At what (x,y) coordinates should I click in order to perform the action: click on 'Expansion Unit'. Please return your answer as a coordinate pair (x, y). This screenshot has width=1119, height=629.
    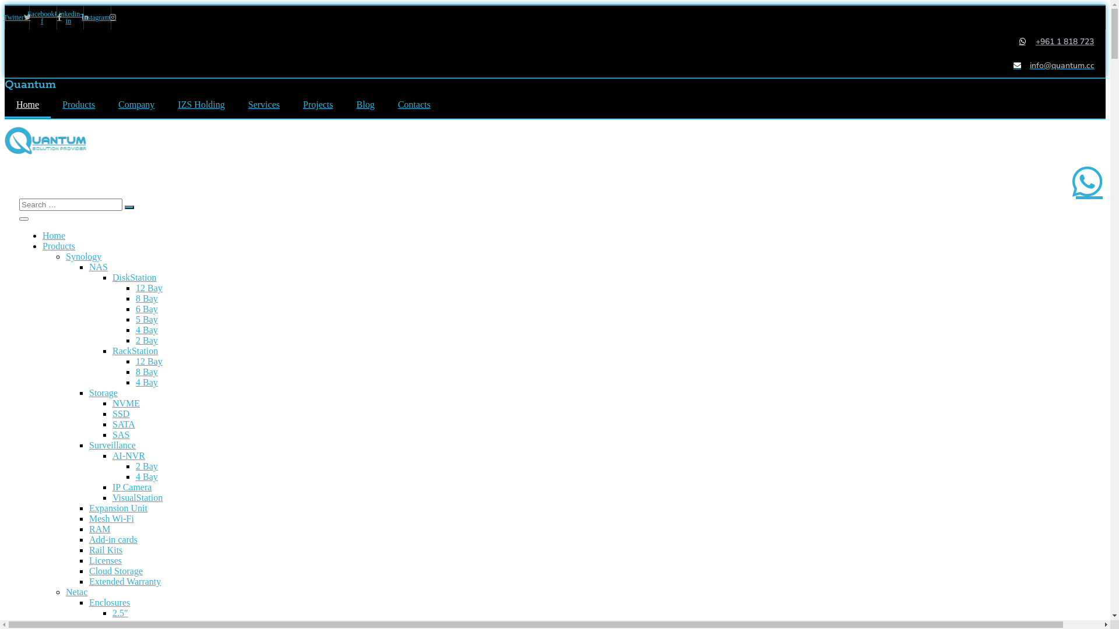
    Looking at the image, I should click on (118, 507).